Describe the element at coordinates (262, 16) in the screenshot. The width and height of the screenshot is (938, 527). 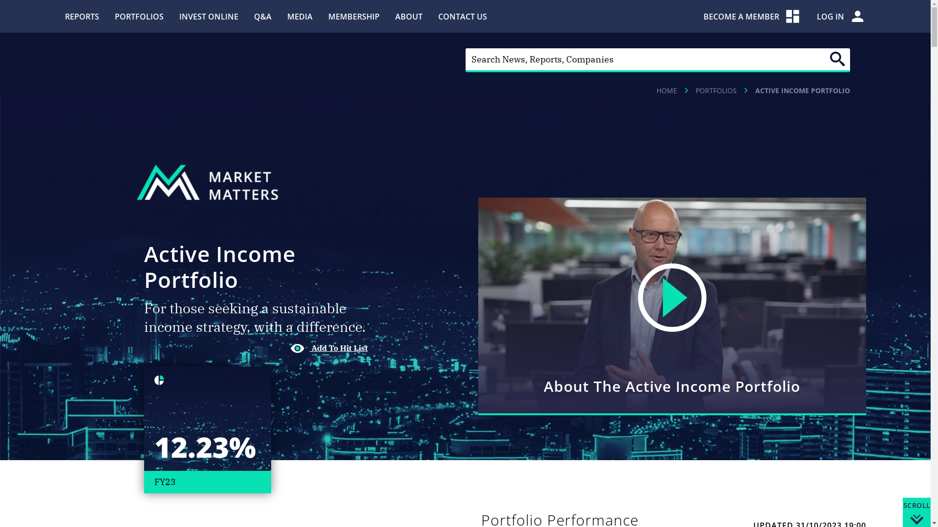
I see `'Q&A'` at that location.